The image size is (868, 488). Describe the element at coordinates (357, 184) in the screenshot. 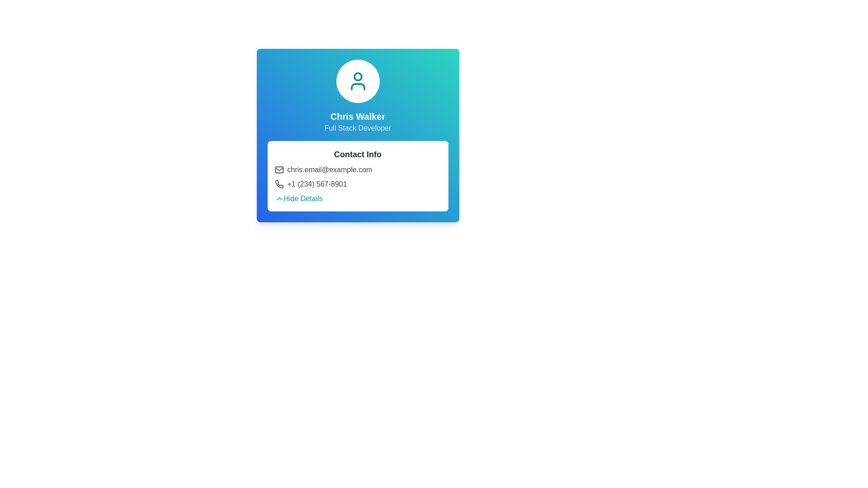

I see `the phone number display element, which is the second entry under the 'Contact Info' section and is centered horizontally in the middle of the card interface` at that location.